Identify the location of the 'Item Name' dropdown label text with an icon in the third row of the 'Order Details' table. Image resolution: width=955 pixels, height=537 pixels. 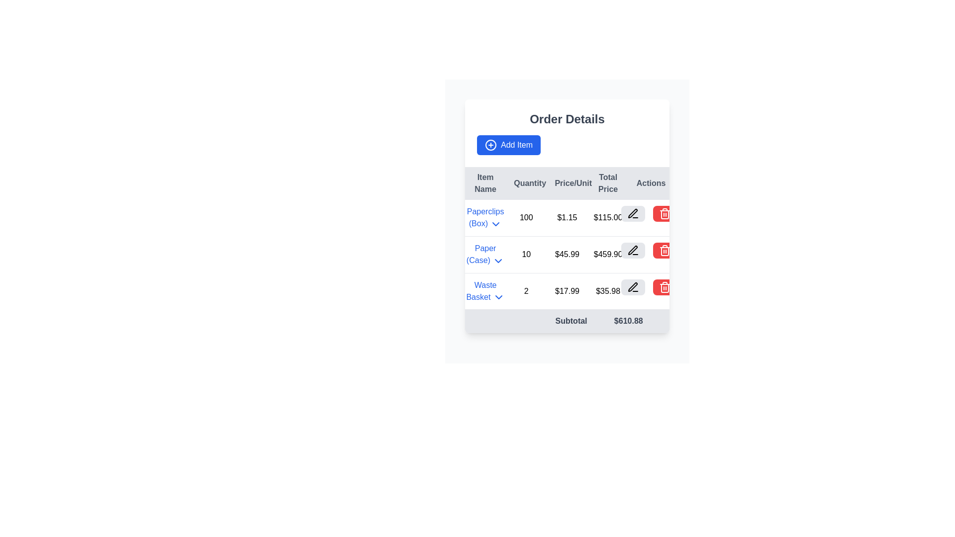
(485, 291).